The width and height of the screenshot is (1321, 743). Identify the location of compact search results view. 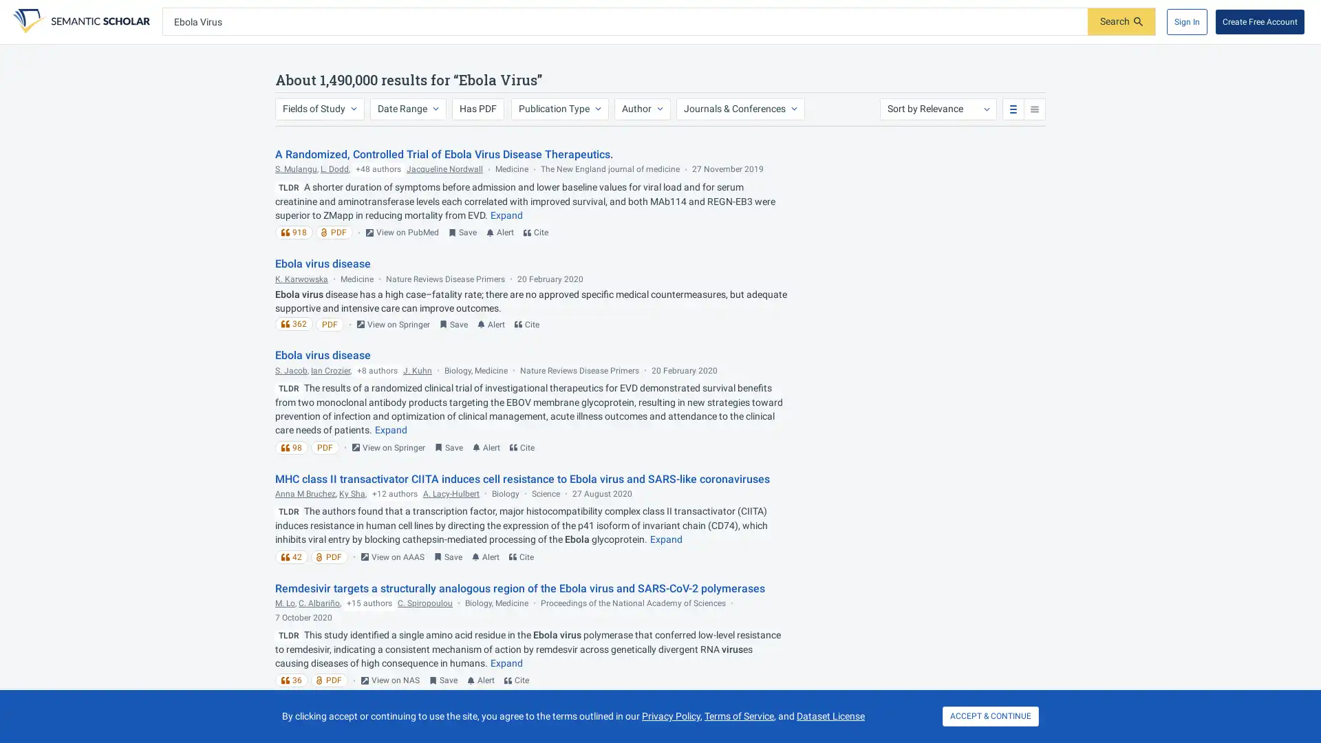
(1034, 108).